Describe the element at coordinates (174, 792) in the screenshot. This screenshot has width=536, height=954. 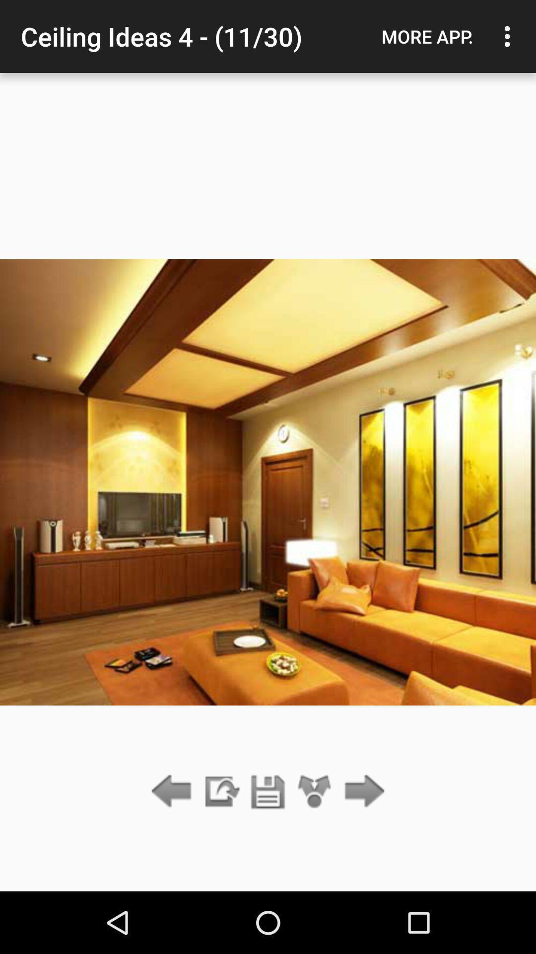
I see `the arrow_backward icon` at that location.